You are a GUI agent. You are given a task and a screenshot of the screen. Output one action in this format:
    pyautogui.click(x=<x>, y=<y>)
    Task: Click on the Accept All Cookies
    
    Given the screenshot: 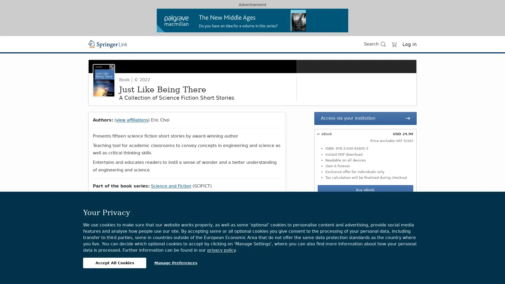 What is the action you would take?
    pyautogui.click(x=114, y=263)
    